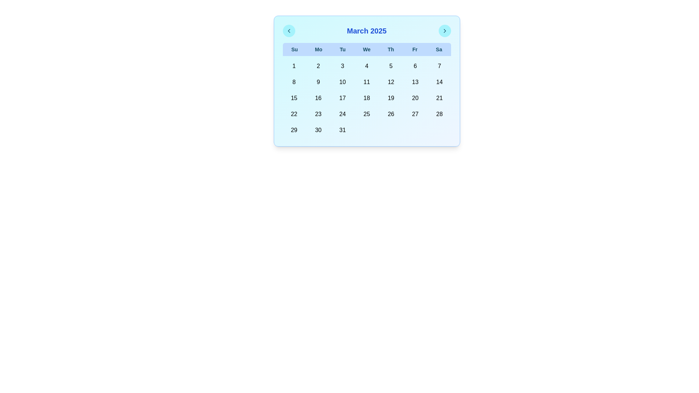  Describe the element at coordinates (439, 82) in the screenshot. I see `the button styled as a square with the number '14' in bold black font, located in the second row and seventh column of the calendar grid for March 2025, to trigger visual feedback` at that location.